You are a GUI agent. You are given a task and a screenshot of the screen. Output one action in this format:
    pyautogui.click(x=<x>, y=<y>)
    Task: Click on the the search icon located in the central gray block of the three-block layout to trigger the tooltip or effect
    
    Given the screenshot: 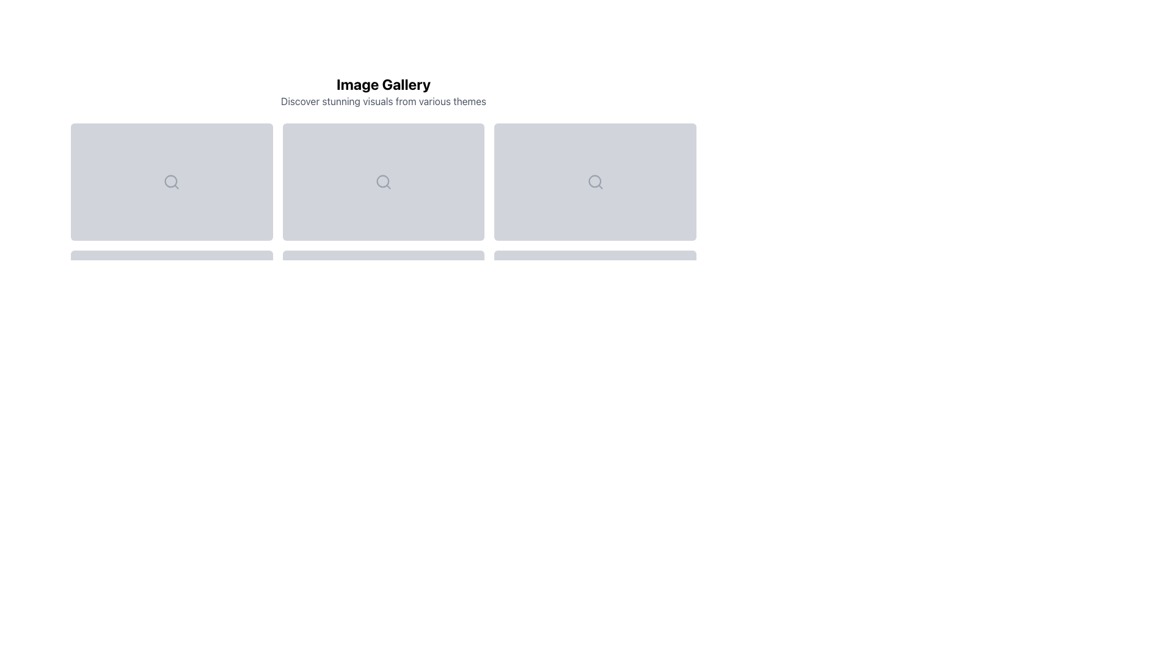 What is the action you would take?
    pyautogui.click(x=595, y=182)
    